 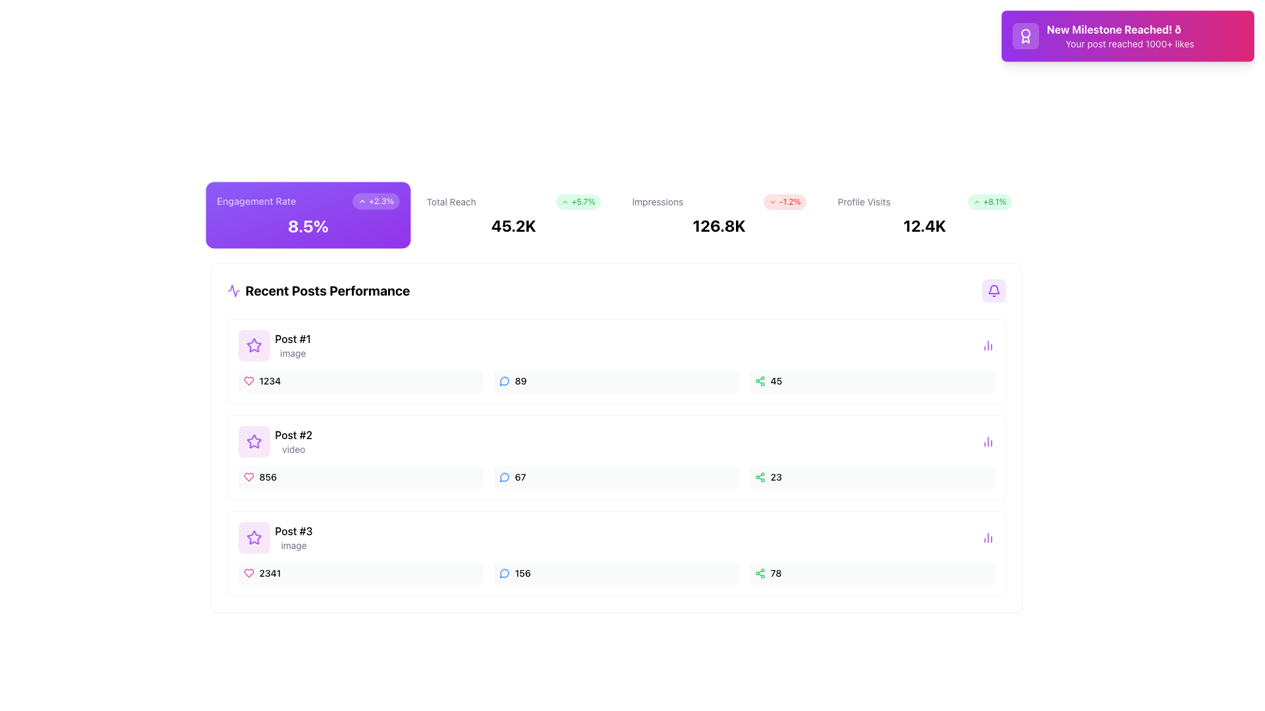 I want to click on the Text label indicating the content type associated with 'Post #2', located below 'Post #2' in the 'Recent Posts Performance' section, so click(x=293, y=448).